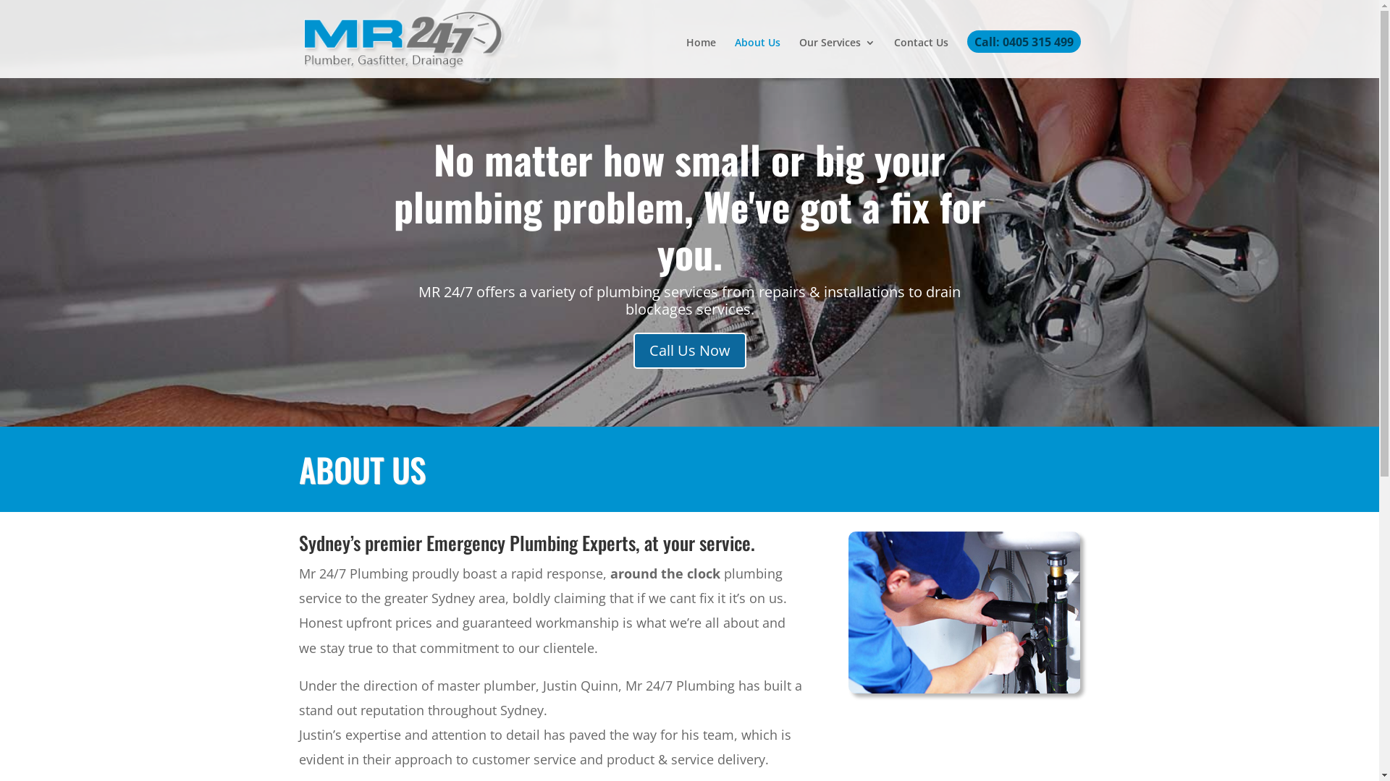 The height and width of the screenshot is (781, 1390). I want to click on 'Home', so click(701, 57).